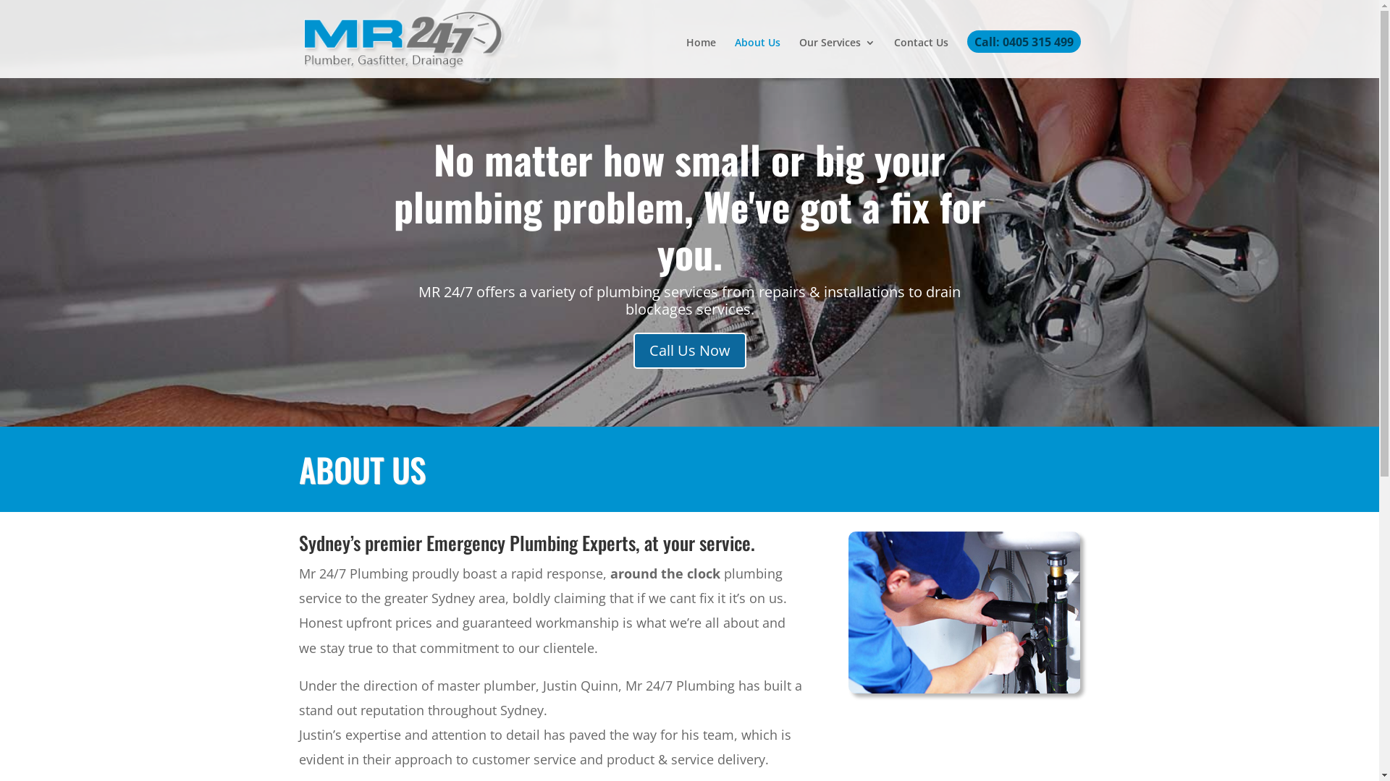 The height and width of the screenshot is (781, 1390). I want to click on 'Home', so click(701, 57).